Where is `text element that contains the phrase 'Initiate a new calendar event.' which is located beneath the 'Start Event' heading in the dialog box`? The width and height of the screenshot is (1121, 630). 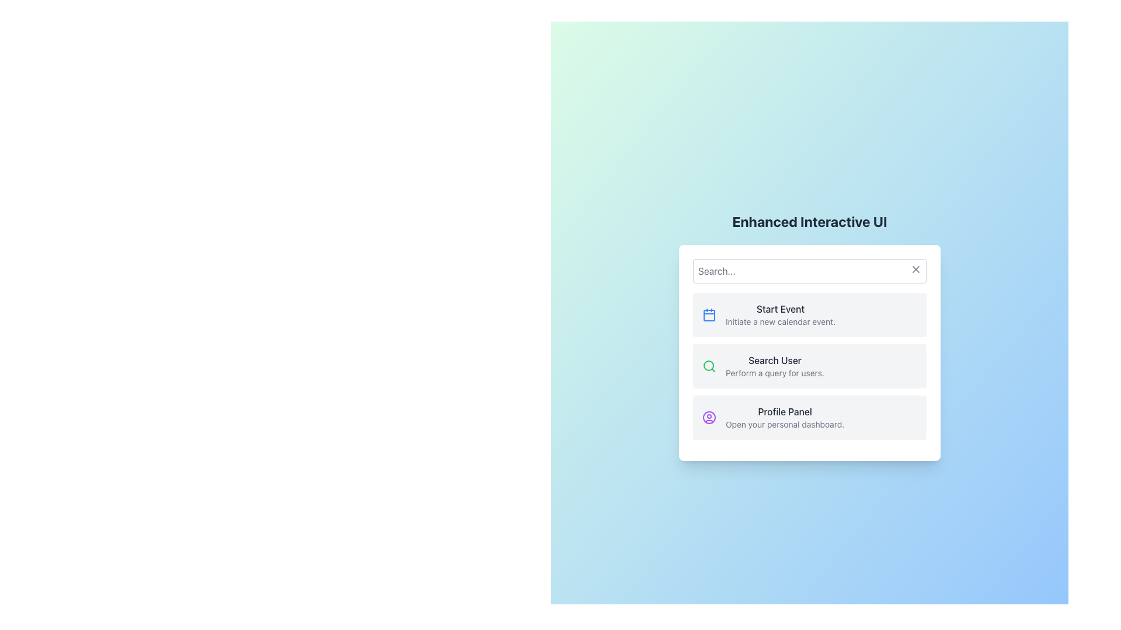 text element that contains the phrase 'Initiate a new calendar event.' which is located beneath the 'Start Event' heading in the dialog box is located at coordinates (781, 321).